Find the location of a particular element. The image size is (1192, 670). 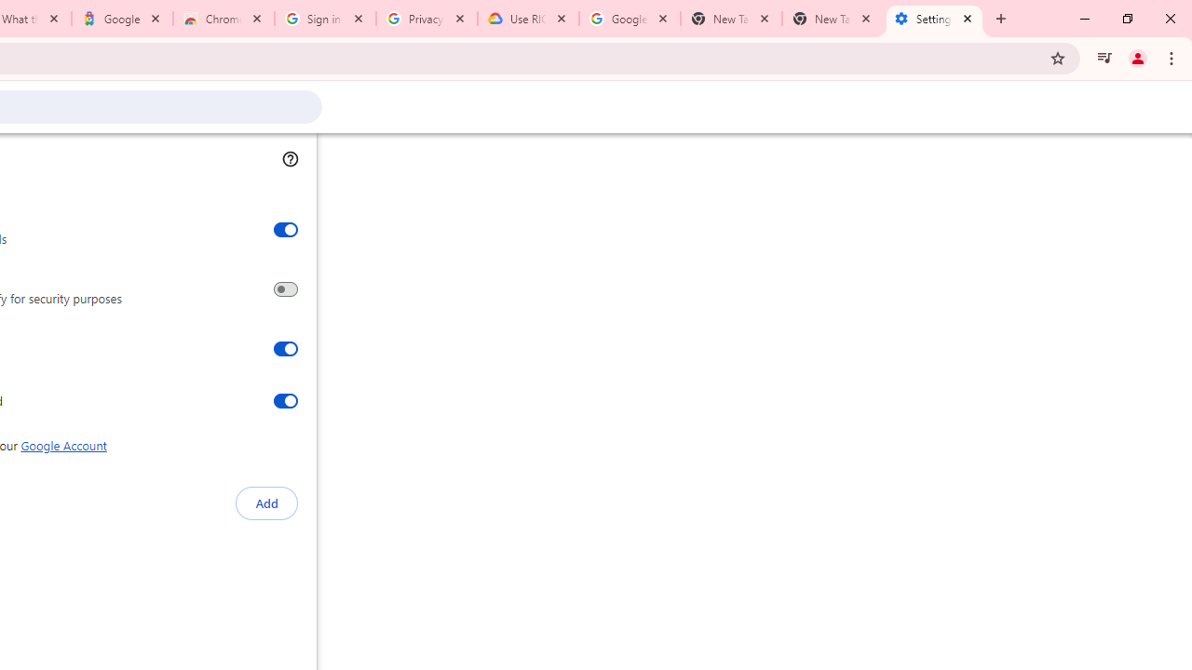

'New Tab' is located at coordinates (832, 19).